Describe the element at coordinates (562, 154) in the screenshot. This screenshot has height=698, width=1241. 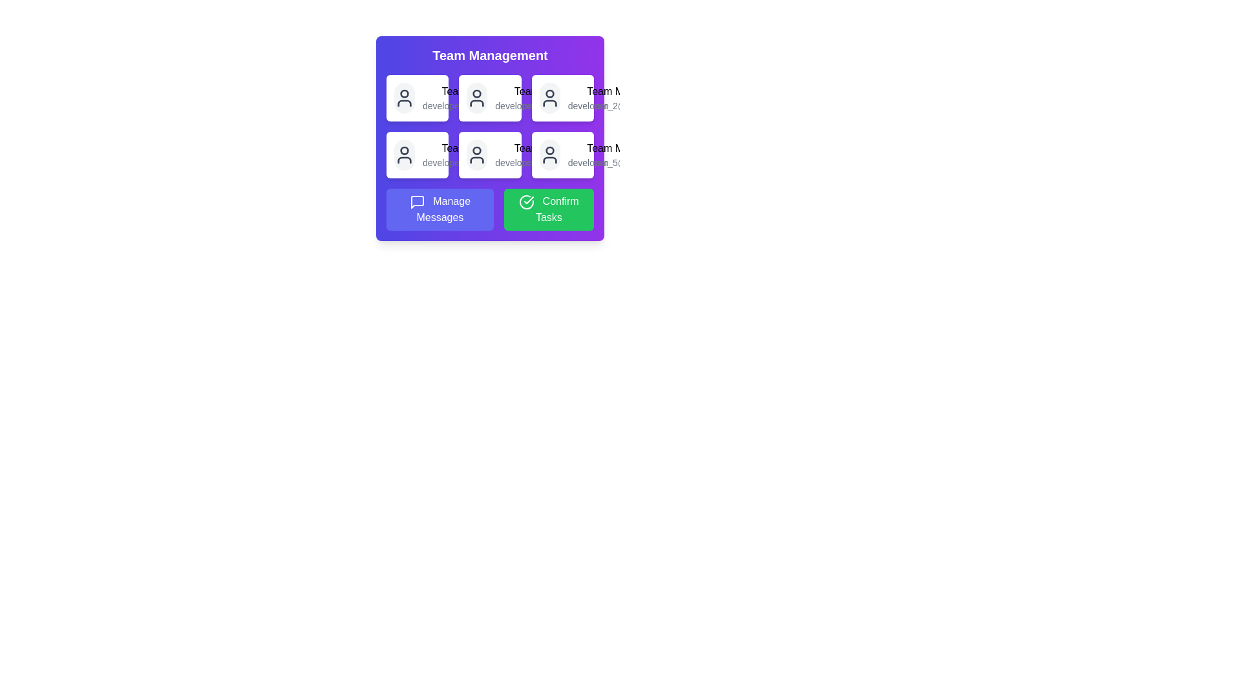
I see `the Card component displaying 'Team Member 6' and 'developer_5@example.com' located in the second row, on the right side of a 3x2 grid layout within the 'Team Management' panel` at that location.